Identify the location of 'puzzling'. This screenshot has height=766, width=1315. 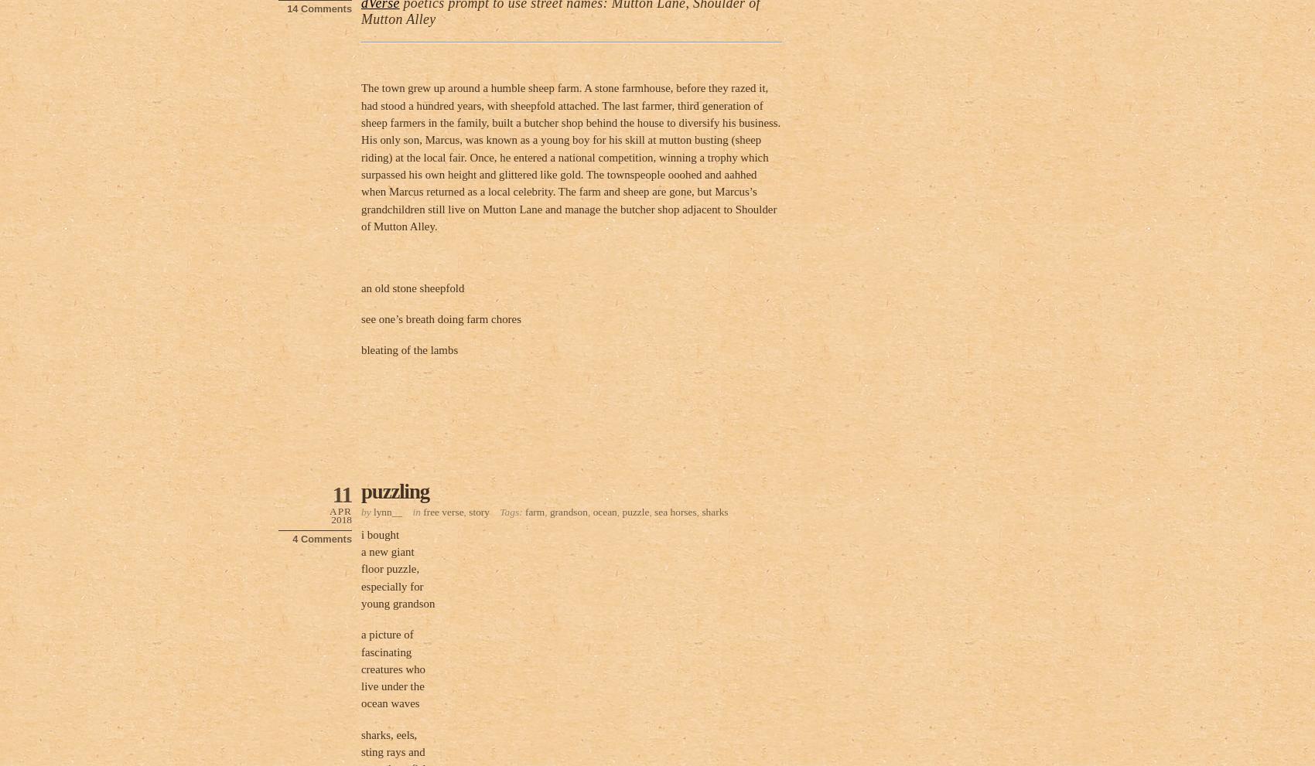
(395, 490).